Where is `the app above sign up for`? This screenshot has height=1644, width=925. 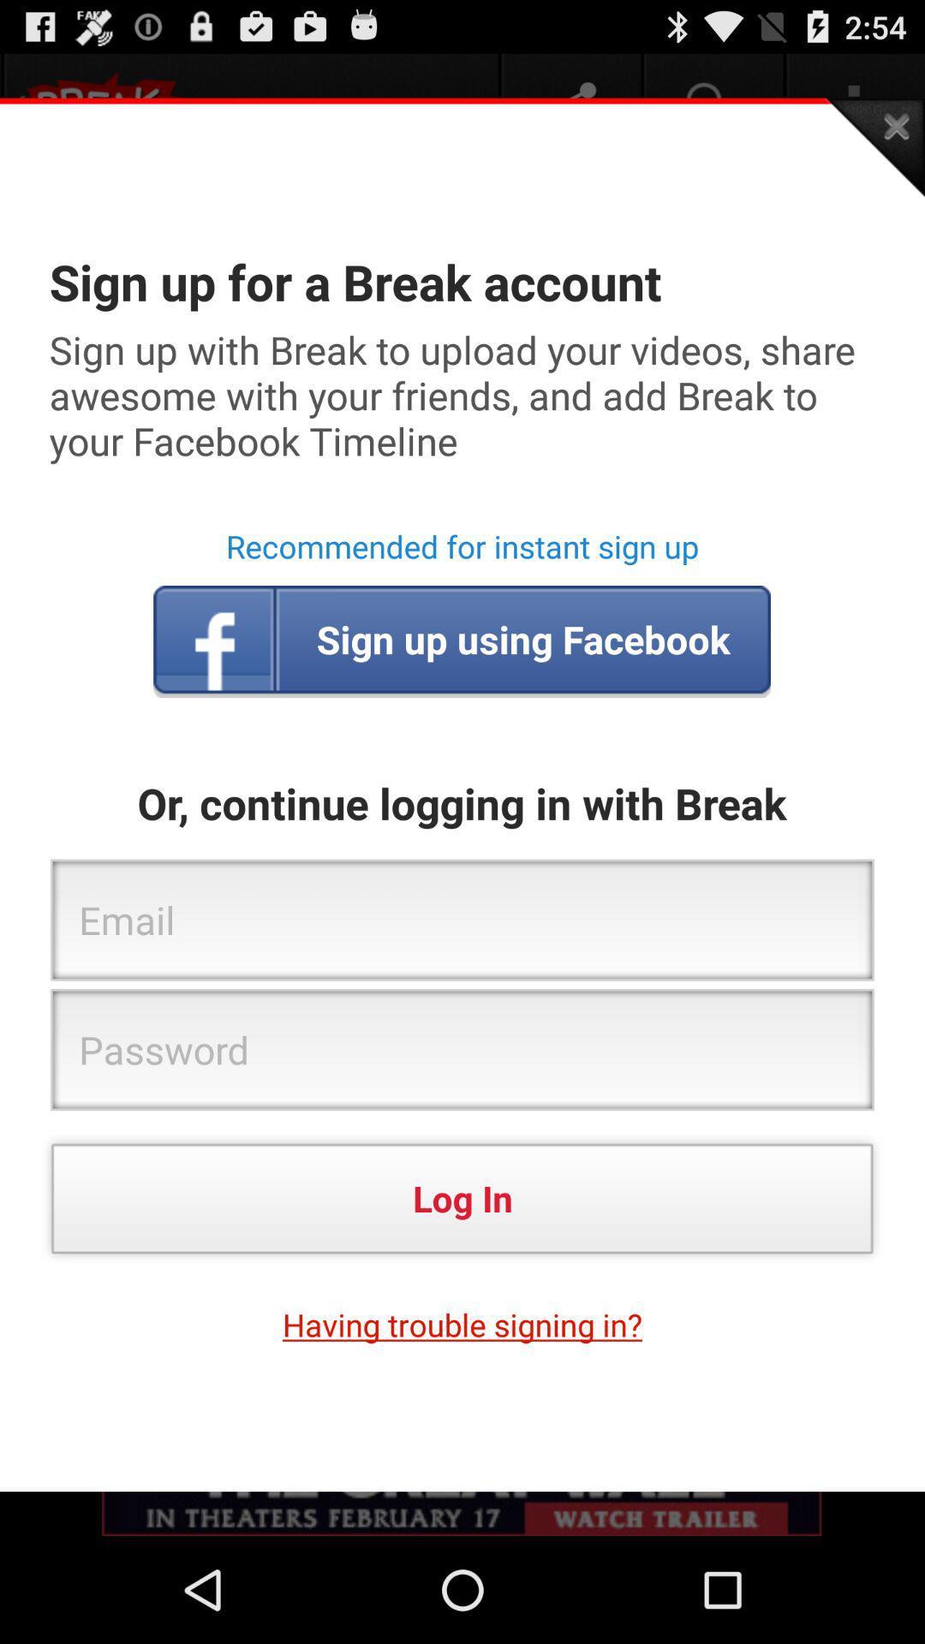 the app above sign up for is located at coordinates (874, 147).